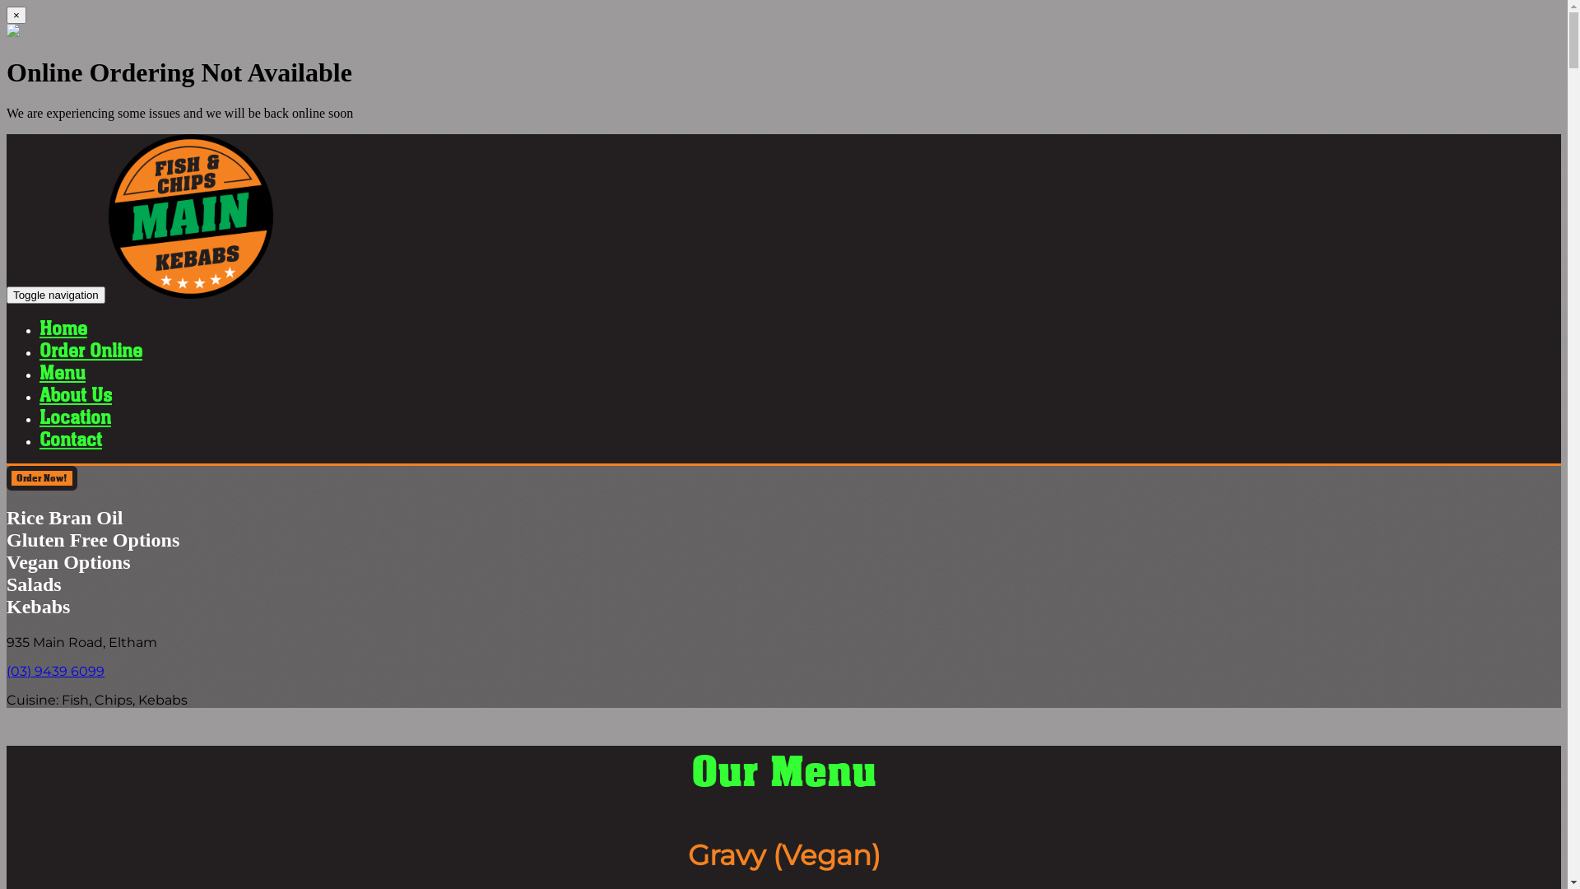  What do you see at coordinates (39, 328) in the screenshot?
I see `'Home'` at bounding box center [39, 328].